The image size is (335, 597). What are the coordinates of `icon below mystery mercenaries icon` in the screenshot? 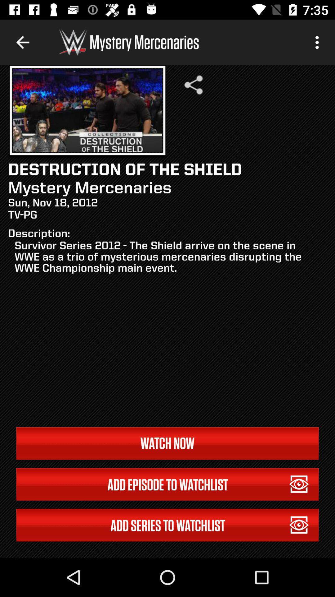 It's located at (193, 85).